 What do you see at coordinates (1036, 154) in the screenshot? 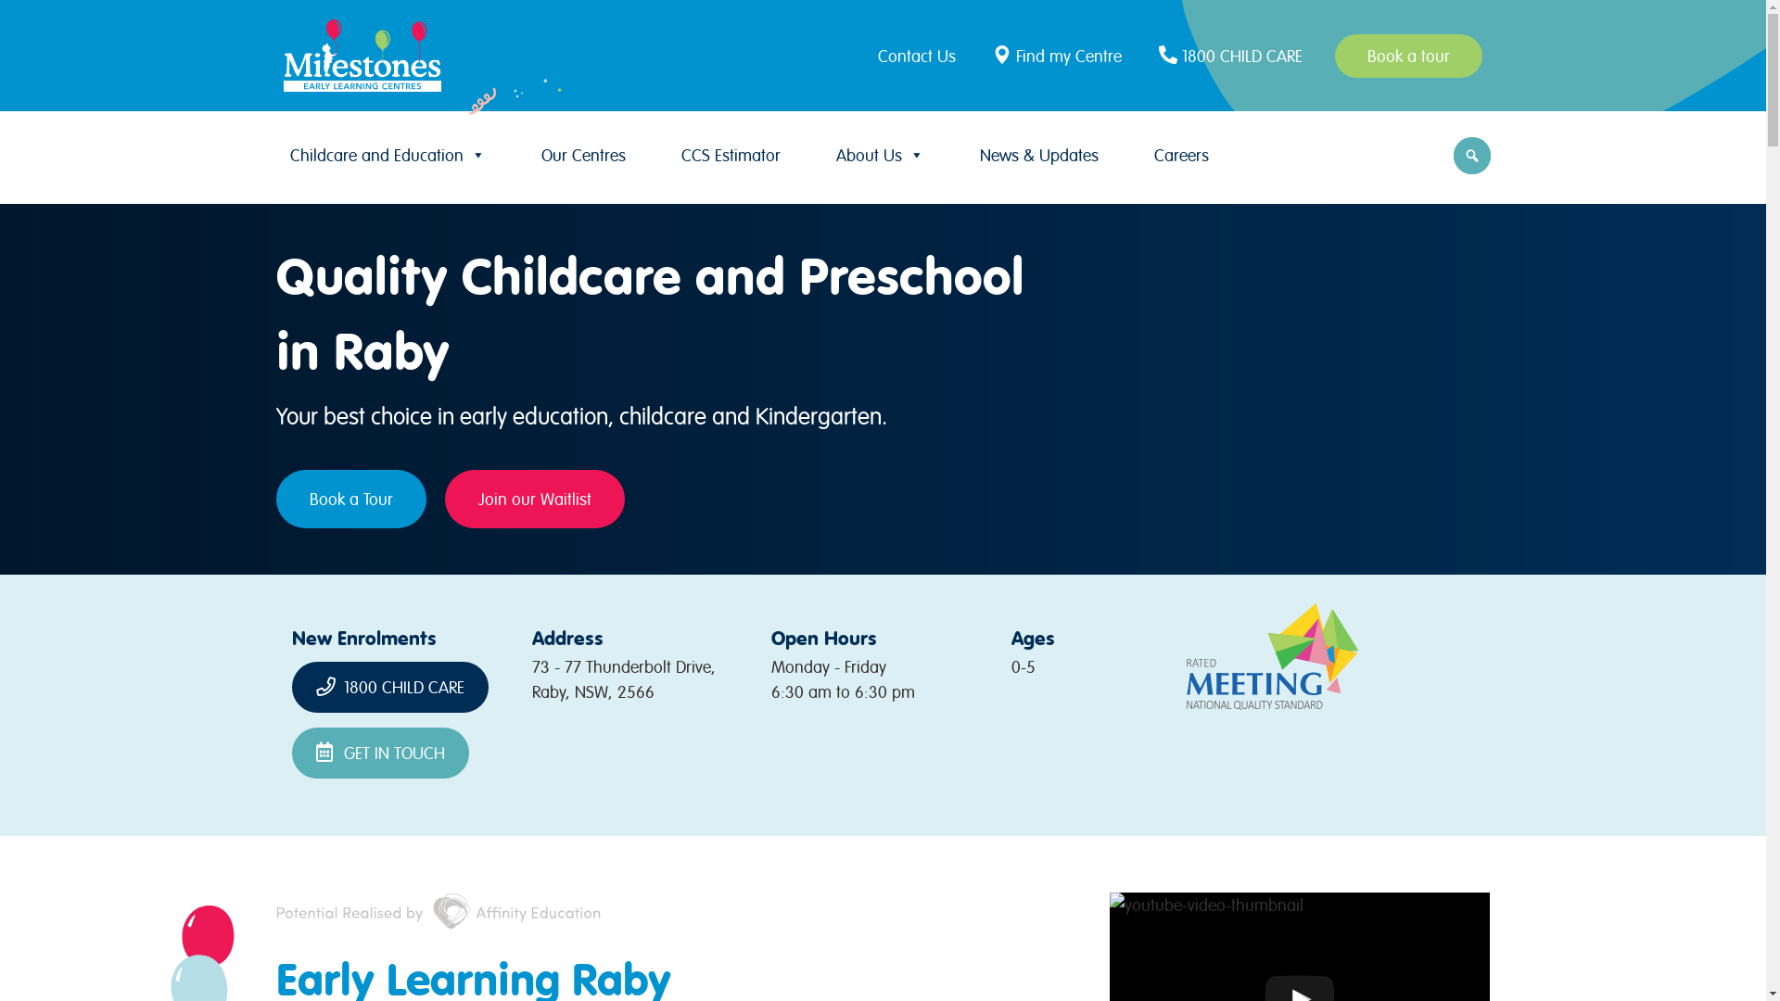
I see `'News & Updates'` at bounding box center [1036, 154].